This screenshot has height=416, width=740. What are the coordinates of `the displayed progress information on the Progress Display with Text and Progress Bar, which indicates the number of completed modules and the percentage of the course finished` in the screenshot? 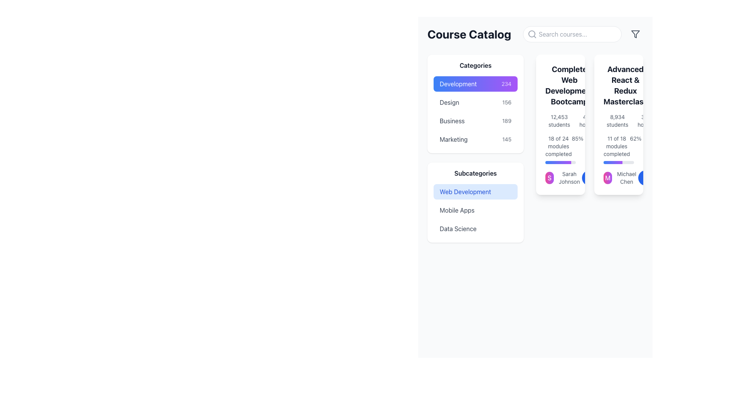 It's located at (560, 149).